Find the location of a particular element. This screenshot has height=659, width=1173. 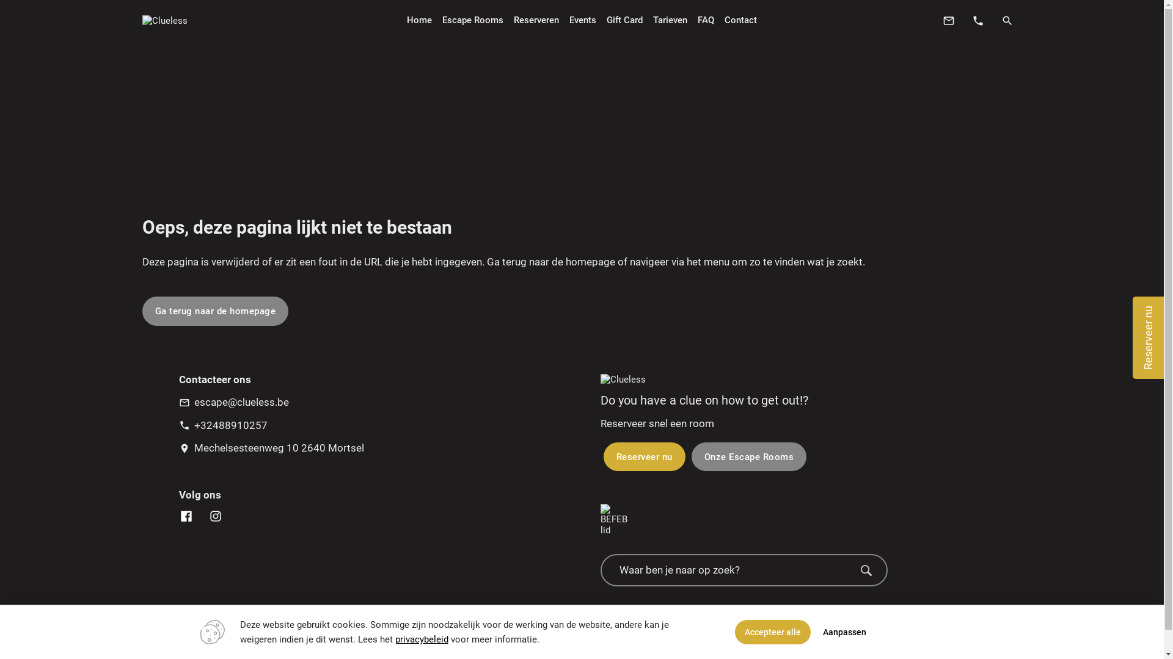

'privacybeleid' is located at coordinates (421, 639).